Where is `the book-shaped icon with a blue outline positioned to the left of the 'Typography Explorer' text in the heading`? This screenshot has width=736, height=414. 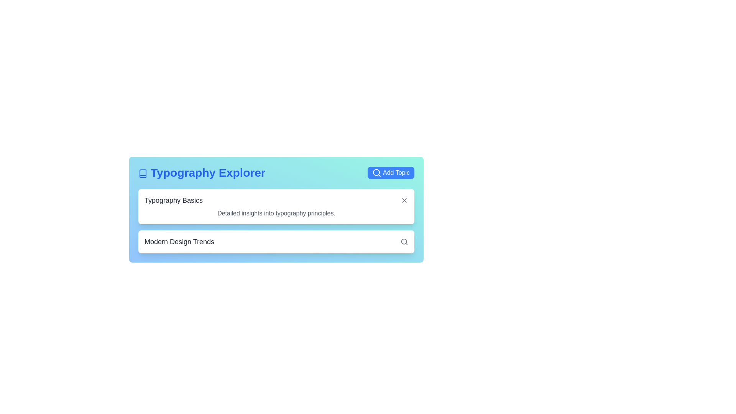
the book-shaped icon with a blue outline positioned to the left of the 'Typography Explorer' text in the heading is located at coordinates (143, 173).